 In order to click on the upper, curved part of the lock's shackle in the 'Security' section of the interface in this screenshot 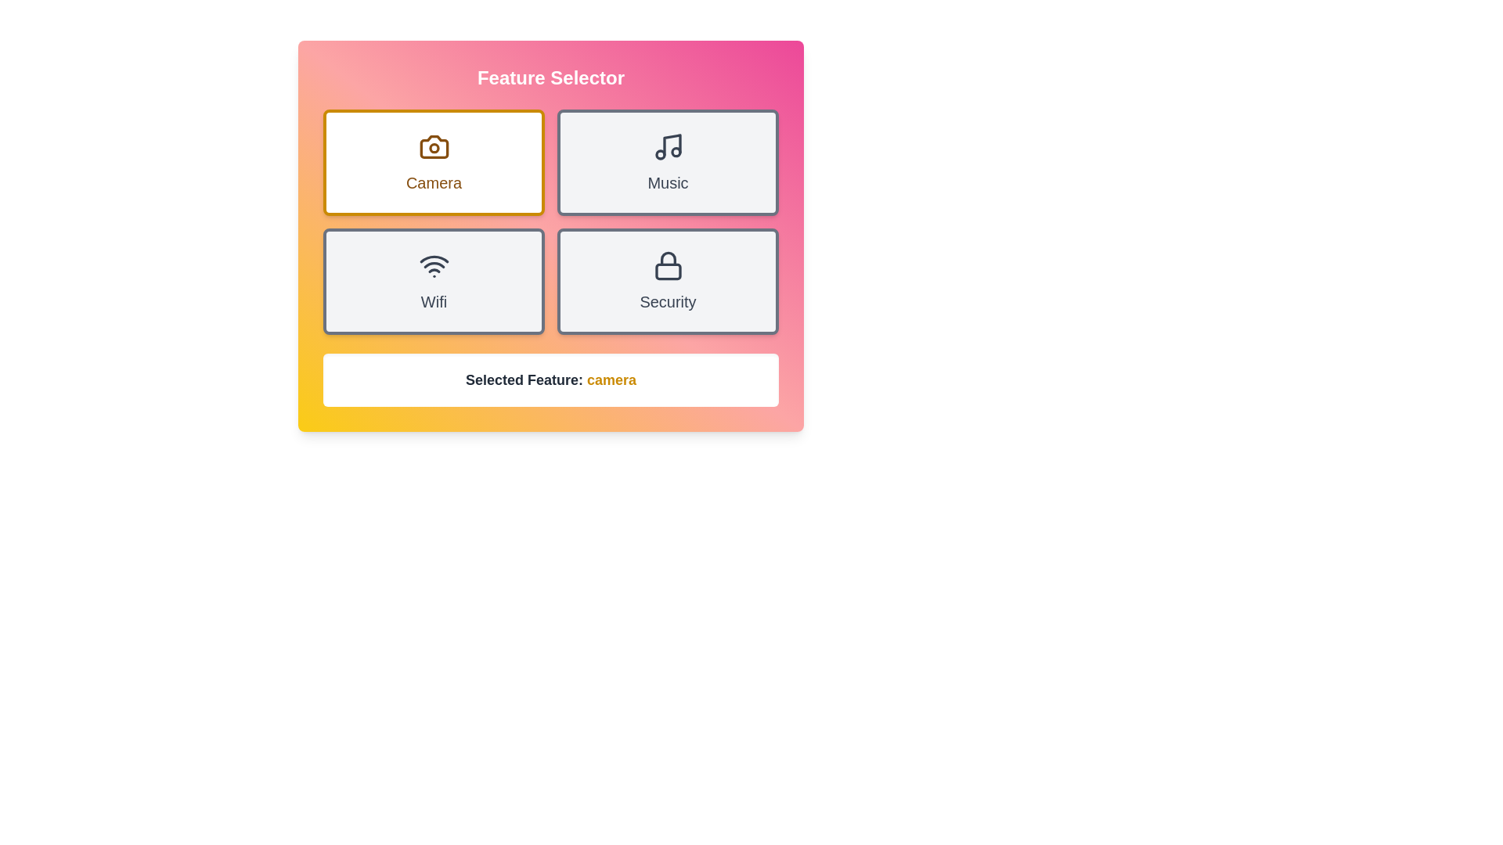, I will do `click(668, 257)`.